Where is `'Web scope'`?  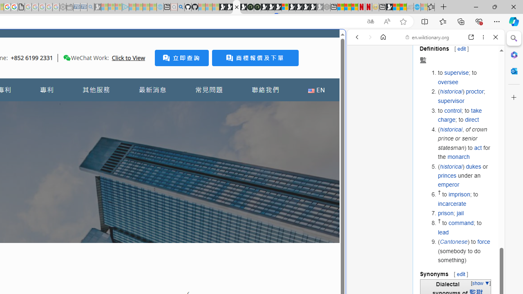 'Web scope' is located at coordinates (360, 73).